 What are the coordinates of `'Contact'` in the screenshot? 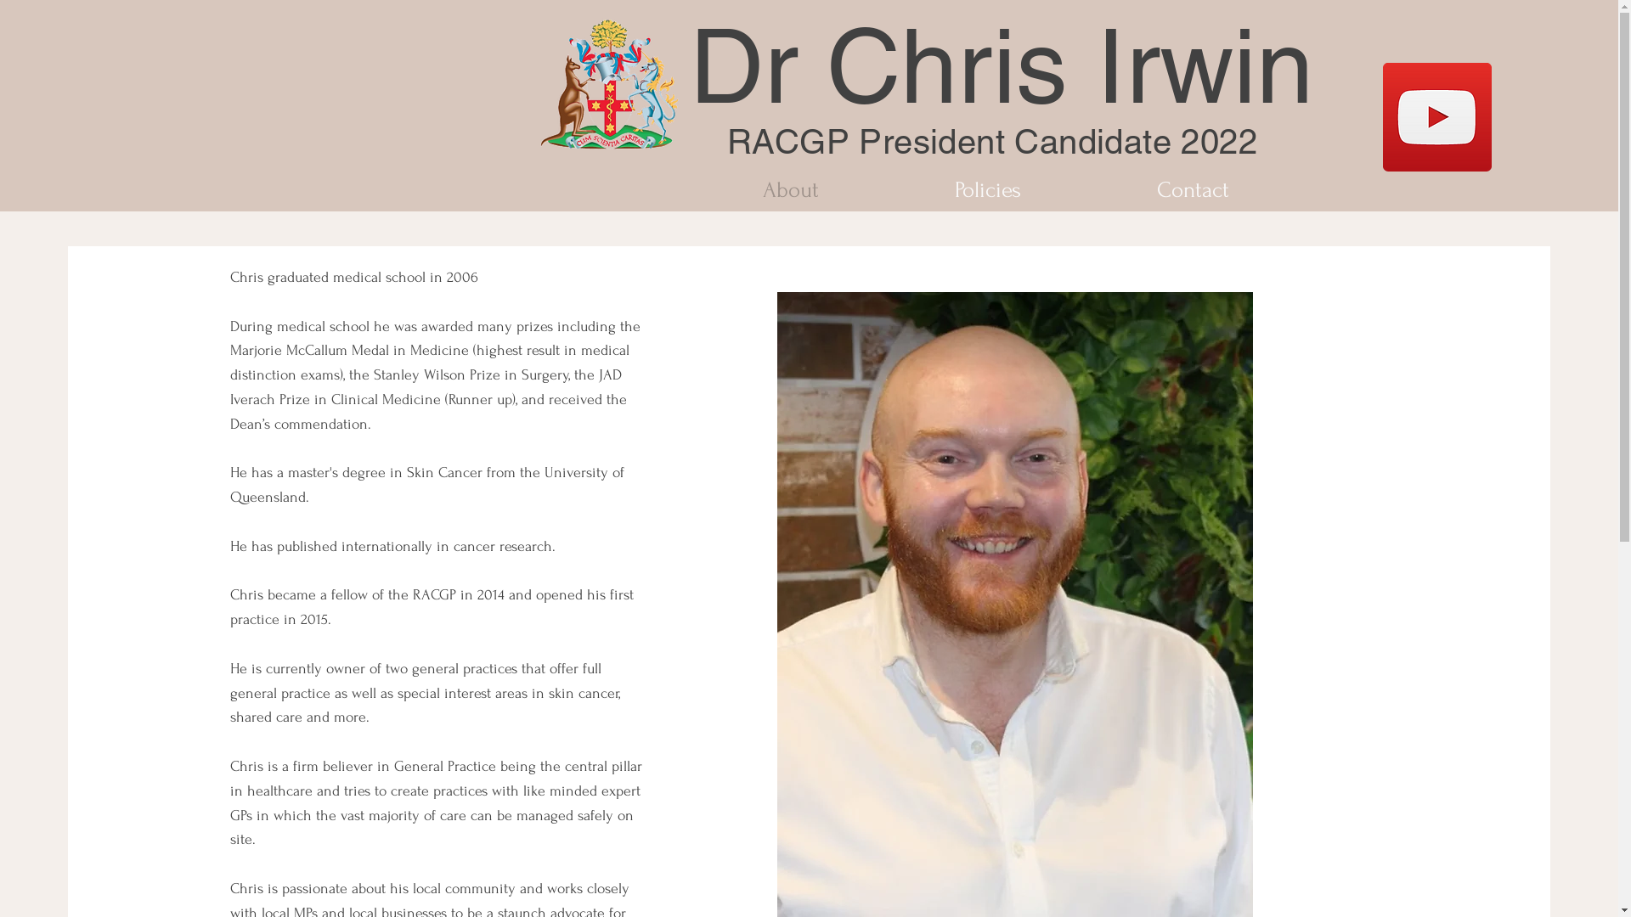 It's located at (1191, 189).